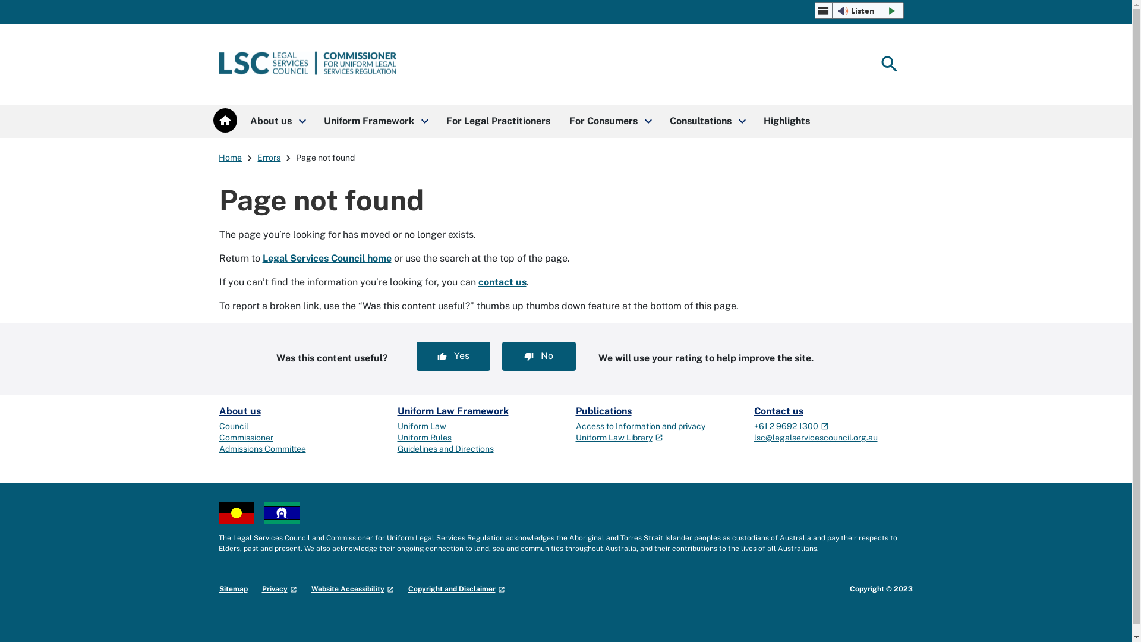 Image resolution: width=1141 pixels, height=642 pixels. What do you see at coordinates (424, 438) in the screenshot?
I see `'Uniform Rules'` at bounding box center [424, 438].